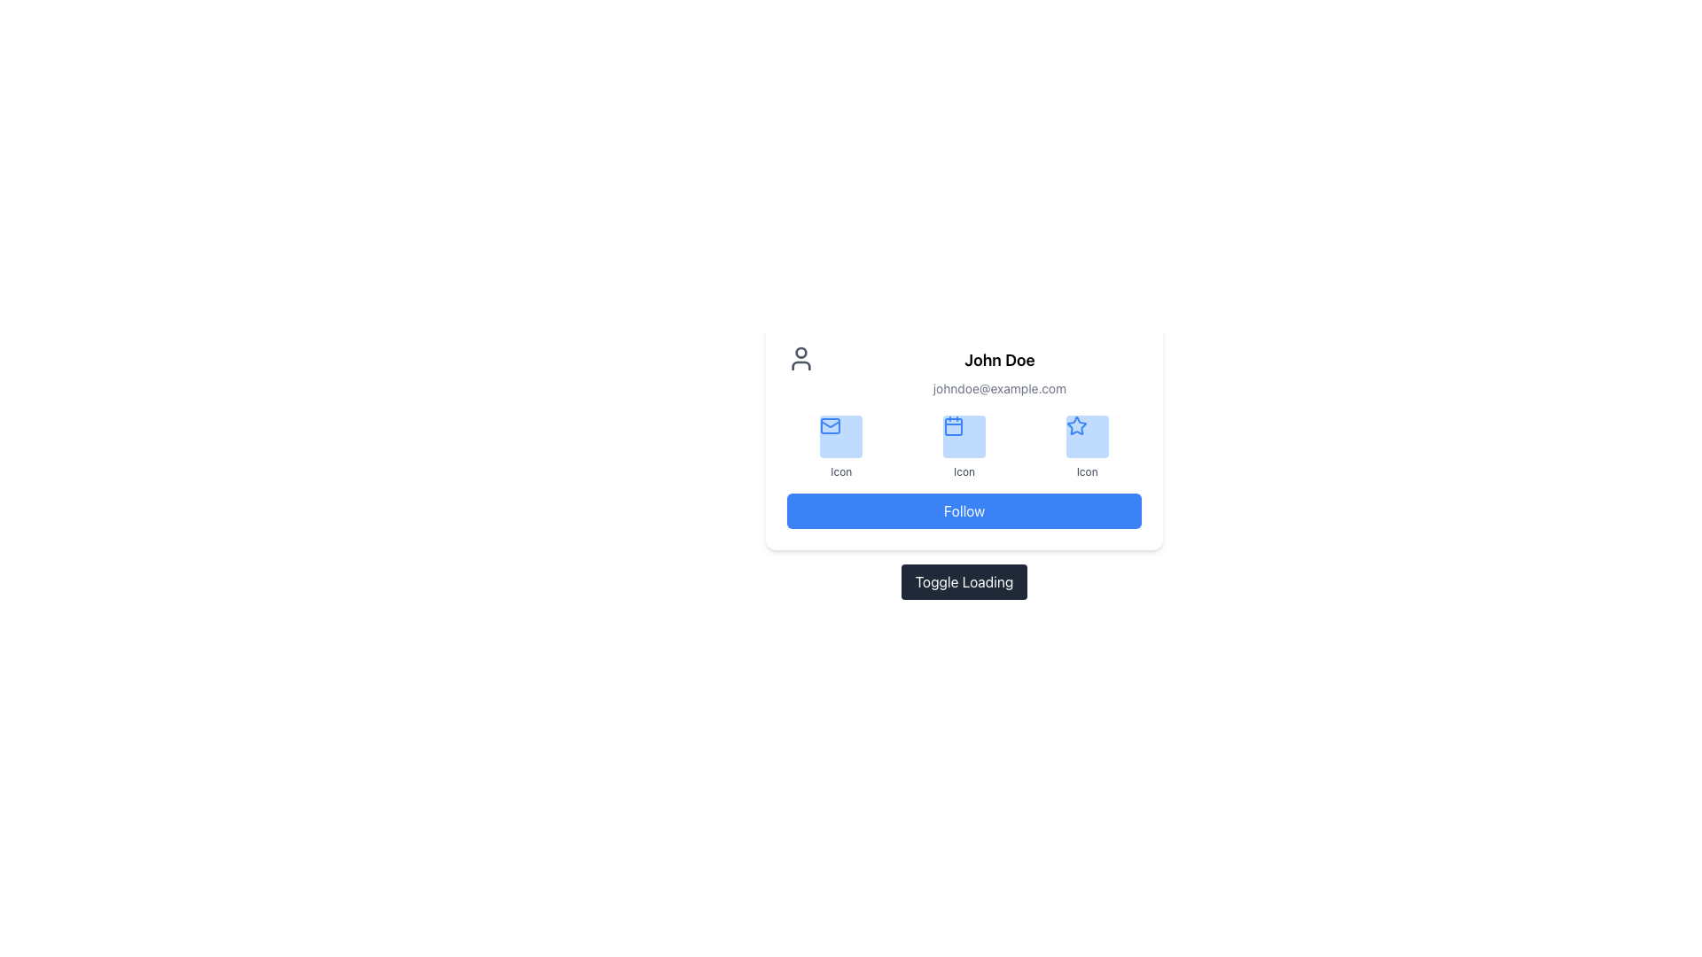 Image resolution: width=1702 pixels, height=957 pixels. I want to click on text label that says 'Icon', which is the bottom-most component in a group containing a blue-highlighted star icon, so click(1086, 471).